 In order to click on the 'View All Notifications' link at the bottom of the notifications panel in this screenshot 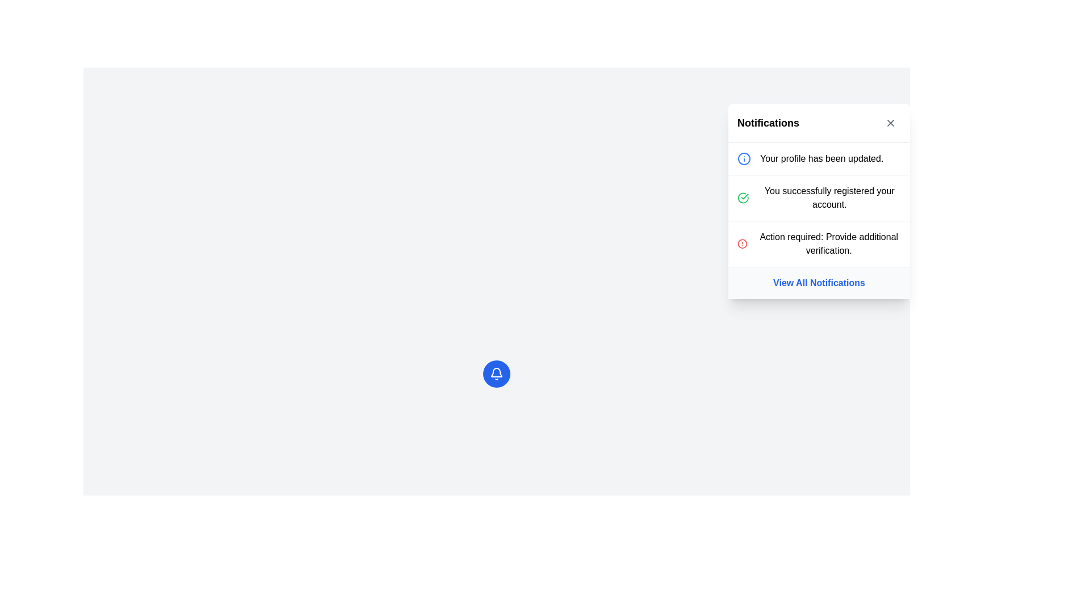, I will do `click(819, 282)`.